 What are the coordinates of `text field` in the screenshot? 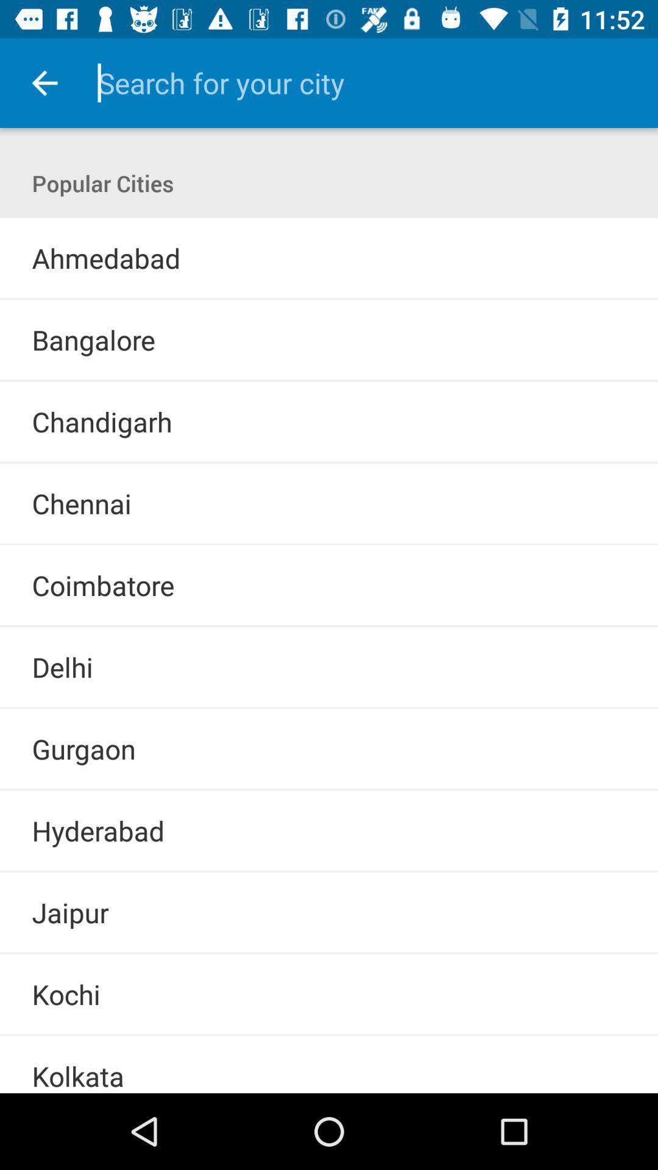 It's located at (360, 82).